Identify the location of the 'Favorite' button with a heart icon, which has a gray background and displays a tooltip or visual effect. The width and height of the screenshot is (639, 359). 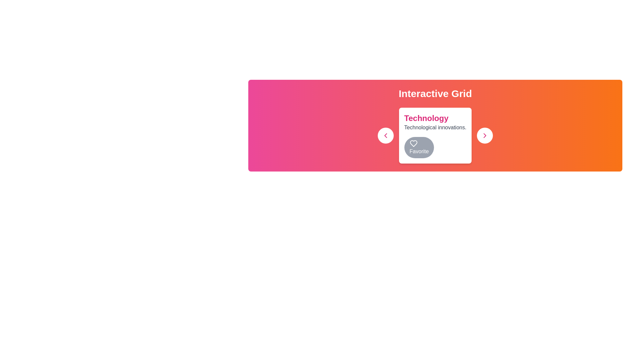
(419, 147).